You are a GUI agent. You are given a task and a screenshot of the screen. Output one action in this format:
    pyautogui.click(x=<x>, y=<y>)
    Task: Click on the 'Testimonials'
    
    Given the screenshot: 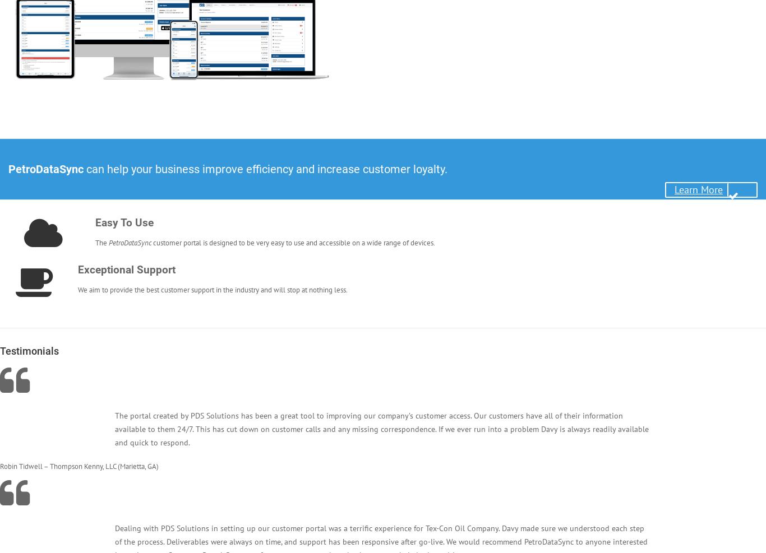 What is the action you would take?
    pyautogui.click(x=29, y=350)
    